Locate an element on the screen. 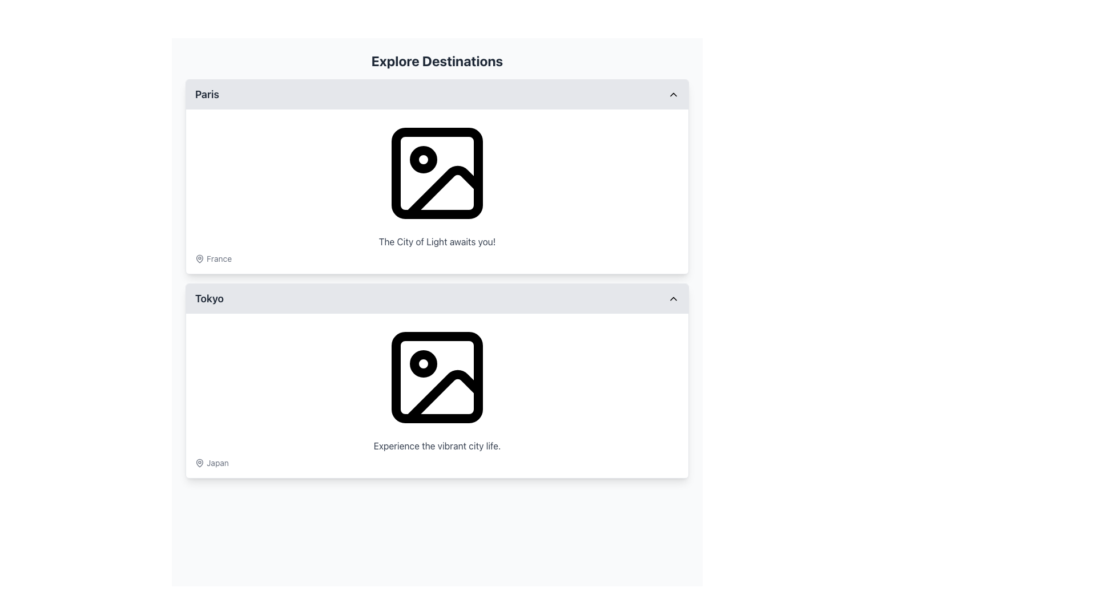 This screenshot has height=616, width=1096. text element that says 'The City of Light awaits you!' which is styled in gray and positioned above the label 'France' within the 'Paris' section is located at coordinates (437, 241).